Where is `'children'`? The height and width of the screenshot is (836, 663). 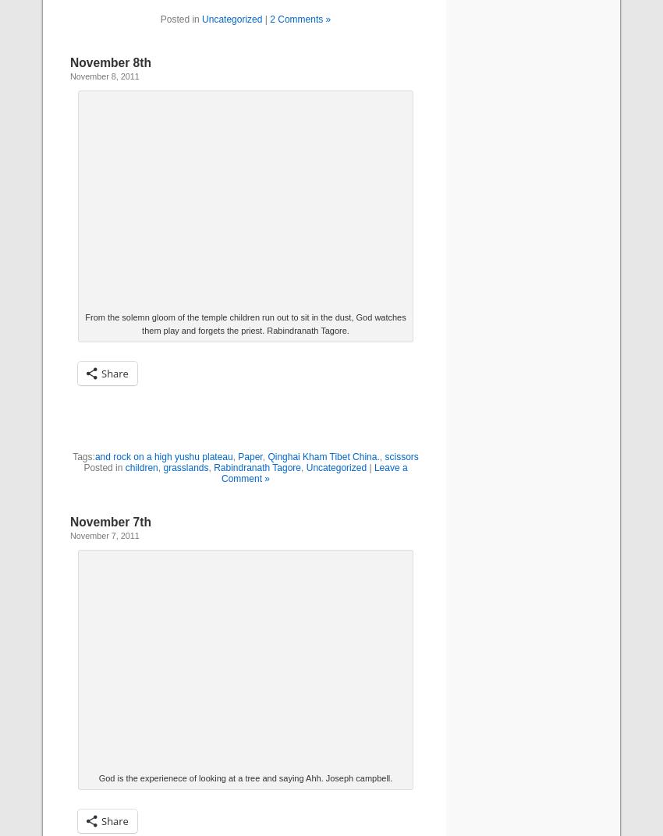 'children' is located at coordinates (140, 466).